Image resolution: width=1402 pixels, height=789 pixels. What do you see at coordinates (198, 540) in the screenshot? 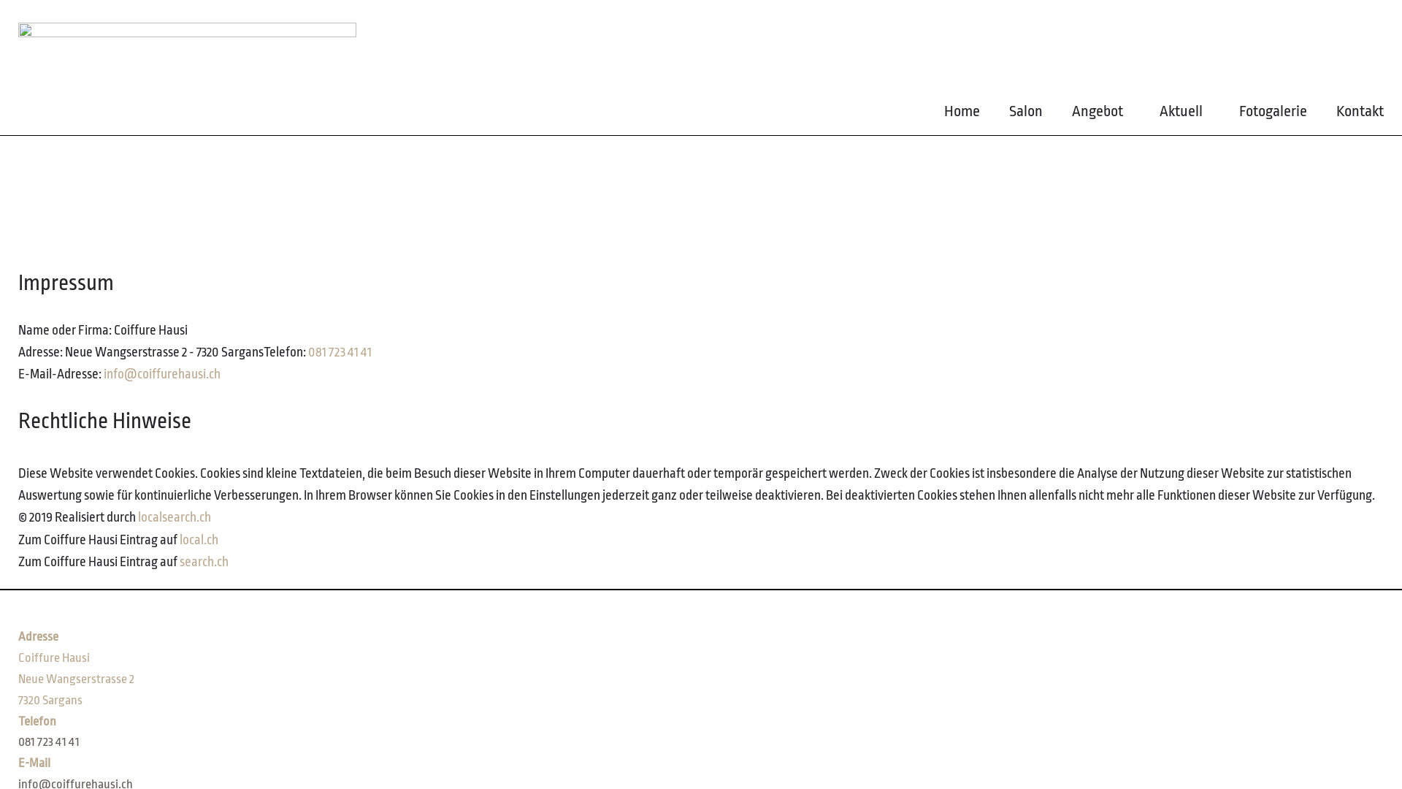
I see `'local.ch'` at bounding box center [198, 540].